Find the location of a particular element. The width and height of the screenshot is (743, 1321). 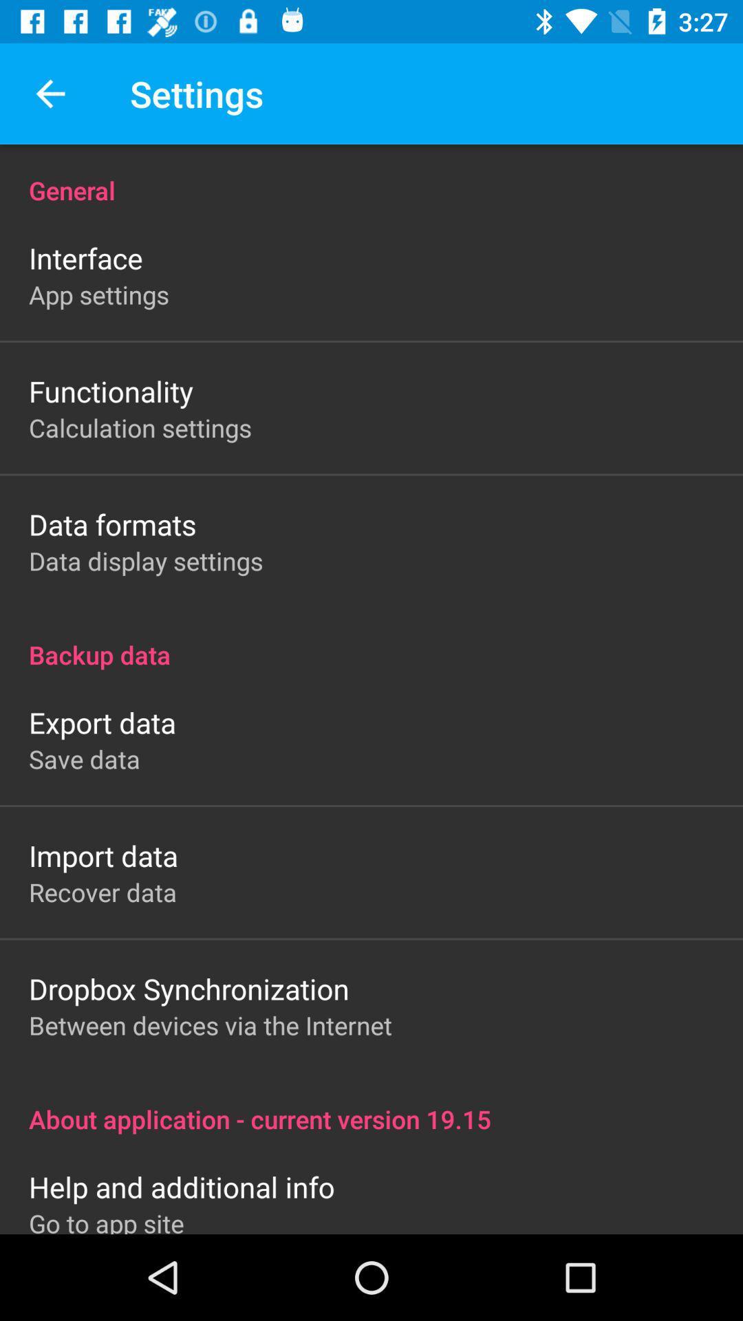

between devices via item is located at coordinates (210, 1025).